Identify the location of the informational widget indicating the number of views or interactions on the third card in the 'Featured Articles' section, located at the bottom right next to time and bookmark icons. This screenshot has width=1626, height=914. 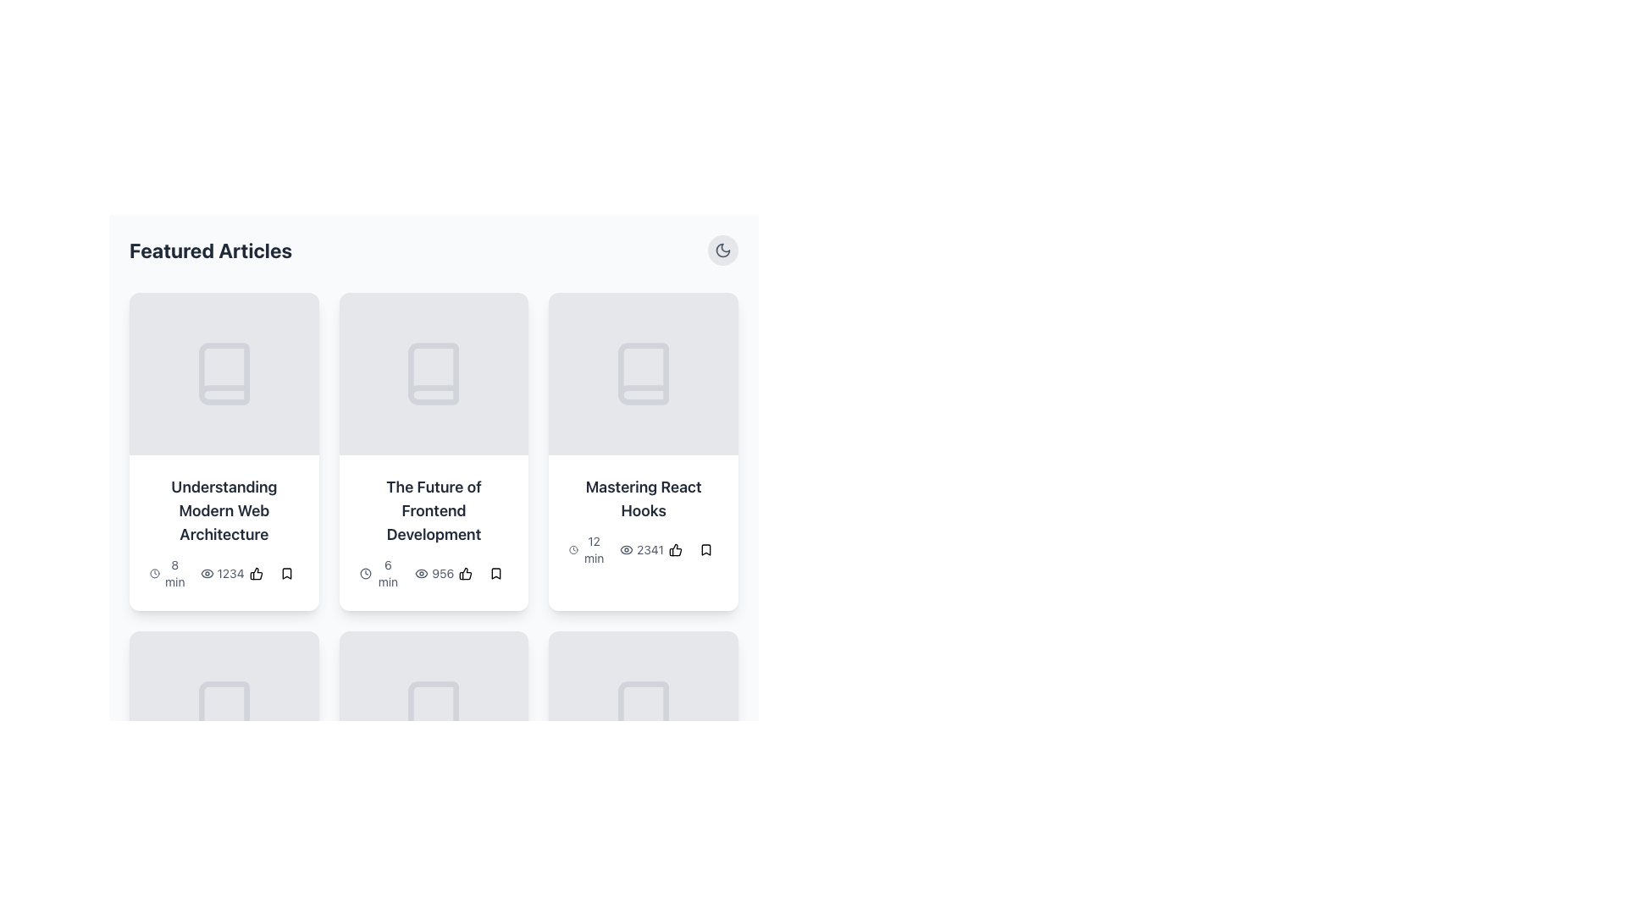
(641, 550).